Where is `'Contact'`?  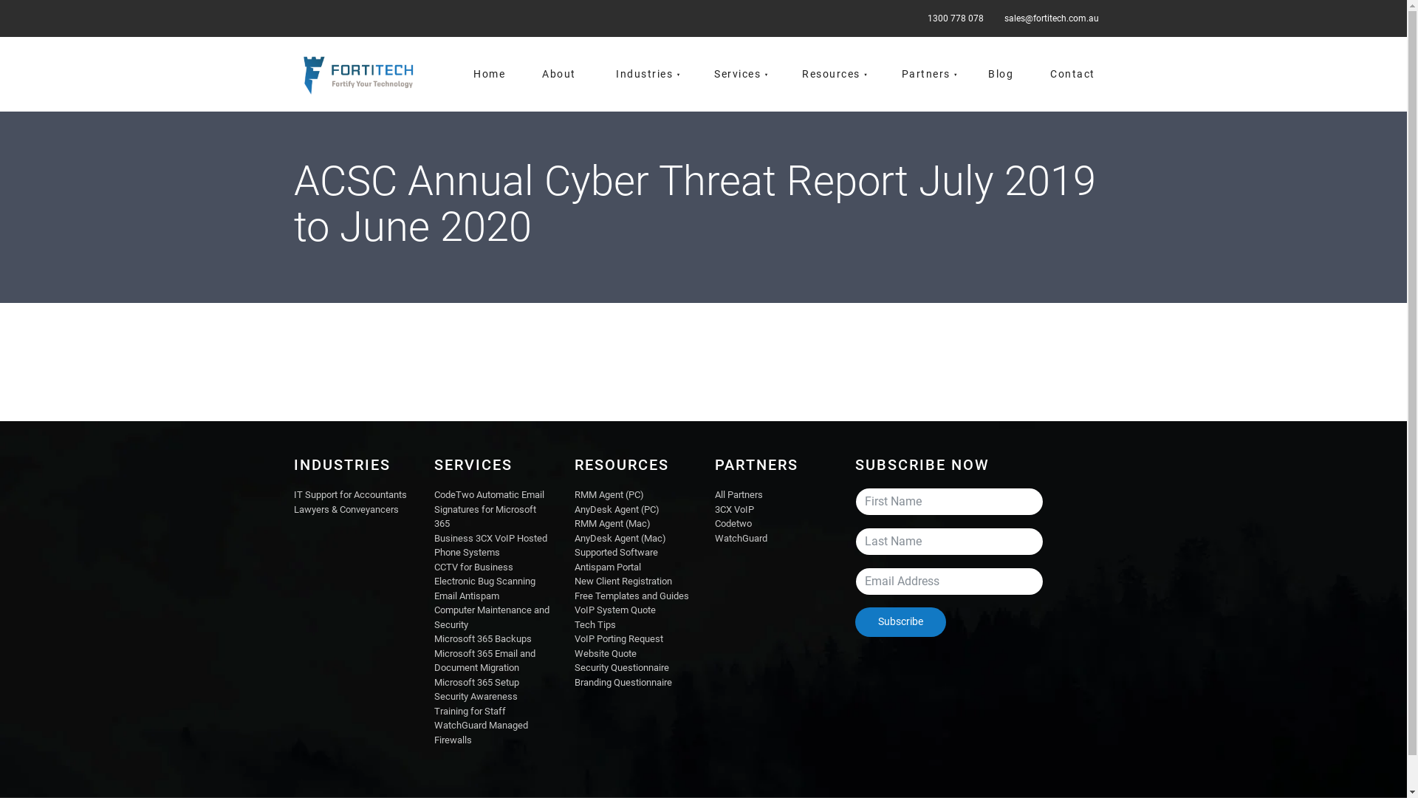
'Contact' is located at coordinates (1072, 74).